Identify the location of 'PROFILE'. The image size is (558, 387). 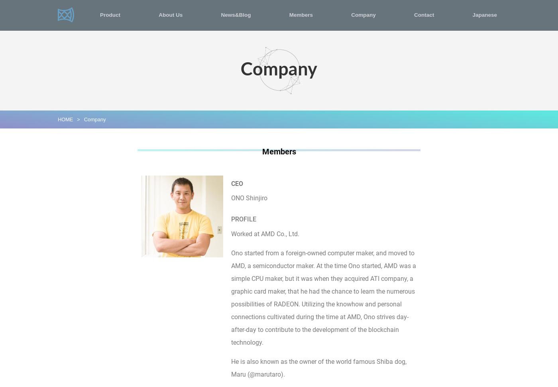
(244, 219).